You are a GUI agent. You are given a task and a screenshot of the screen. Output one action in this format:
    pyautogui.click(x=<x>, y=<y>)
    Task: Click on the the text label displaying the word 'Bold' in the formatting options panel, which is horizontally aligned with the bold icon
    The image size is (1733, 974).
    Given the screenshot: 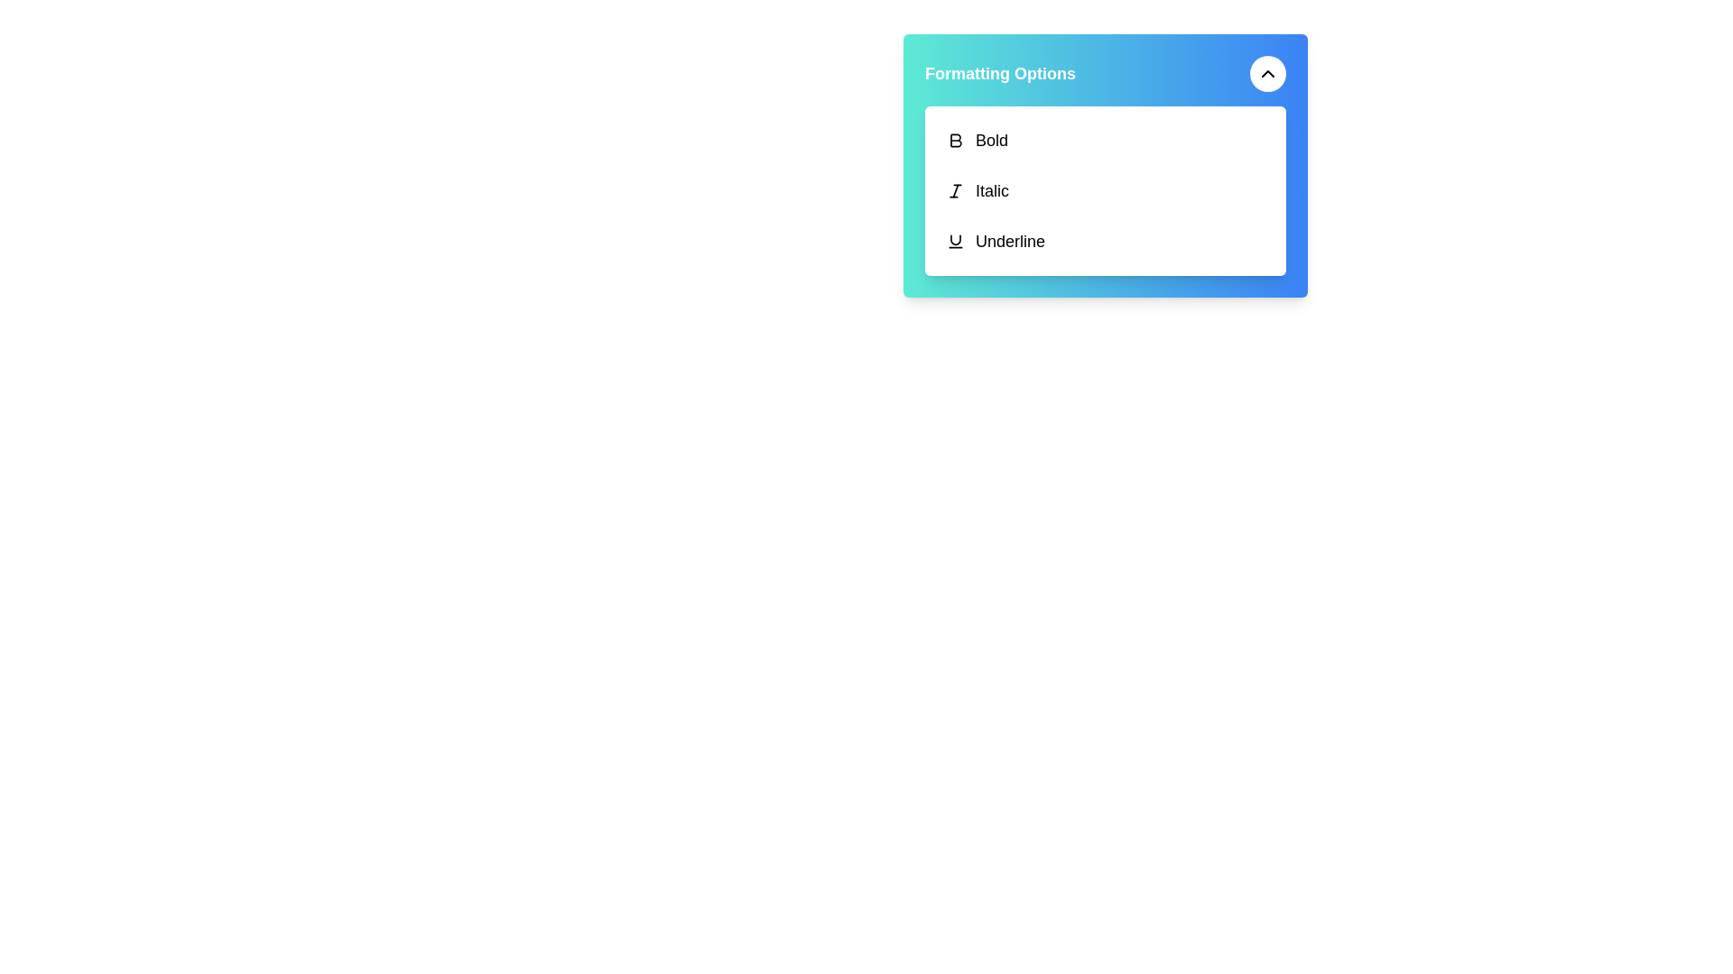 What is the action you would take?
    pyautogui.click(x=991, y=139)
    